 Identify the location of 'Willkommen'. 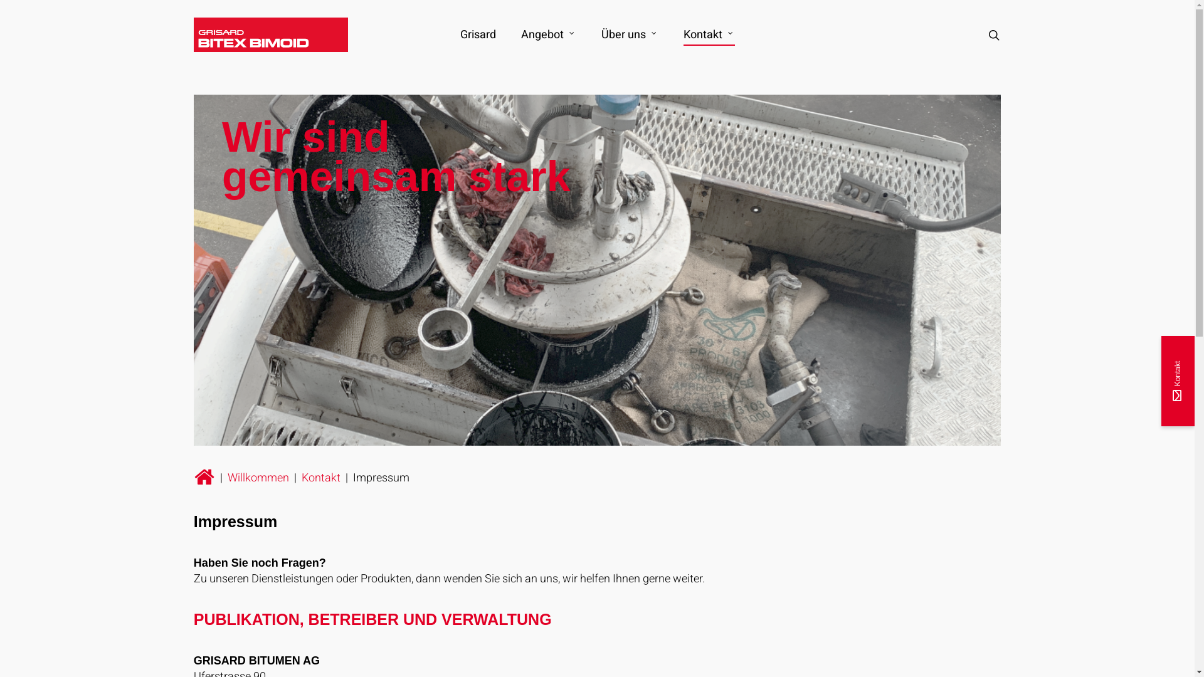
(258, 478).